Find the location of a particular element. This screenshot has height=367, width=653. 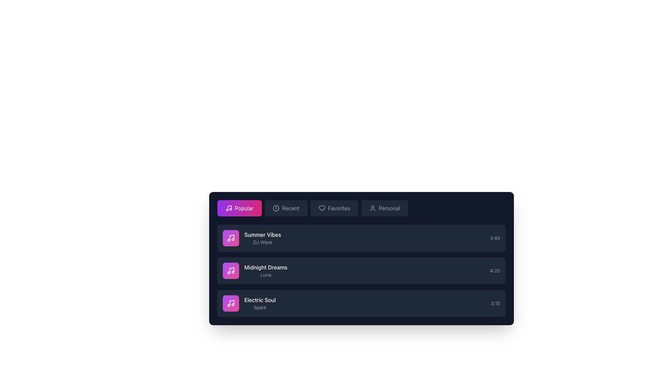

or tab to the music track icon located to the left of the text 'Summer Vibes' in the first row of the list is located at coordinates (231, 238).